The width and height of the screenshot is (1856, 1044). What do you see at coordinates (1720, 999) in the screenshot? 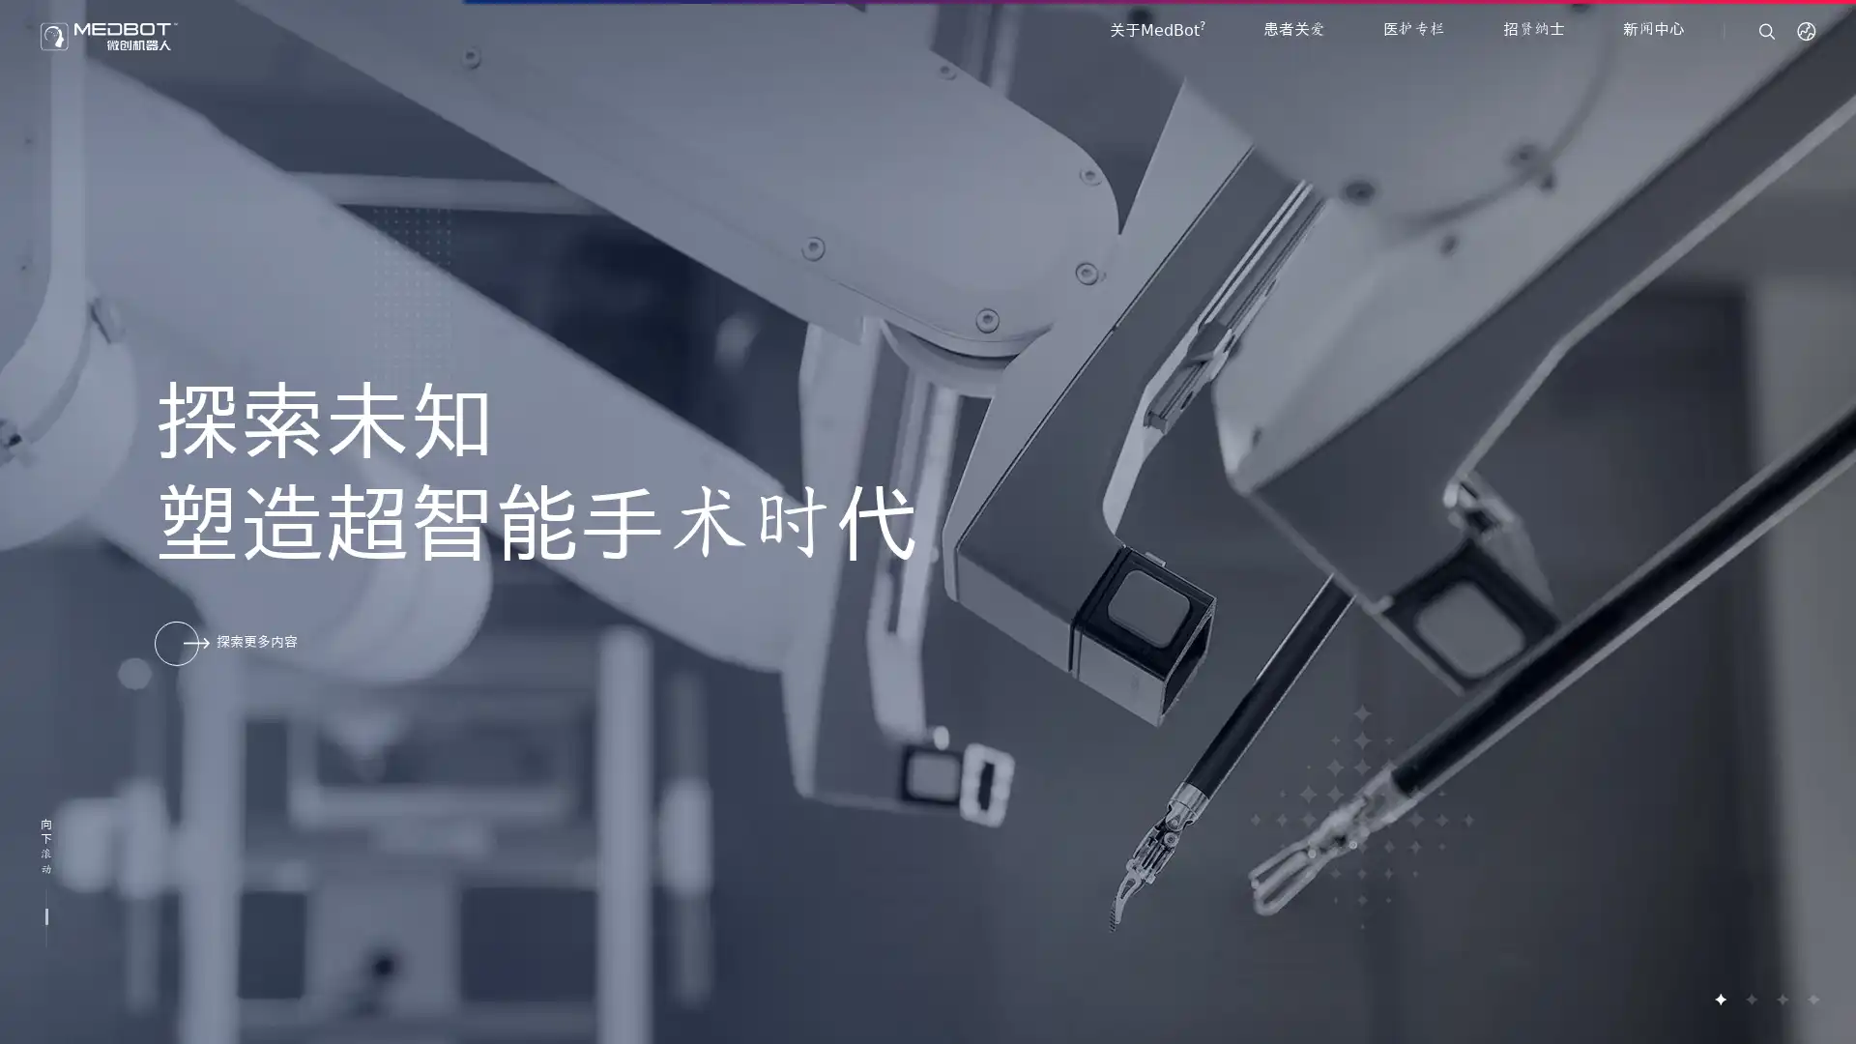
I see `Go to slide 1` at bounding box center [1720, 999].